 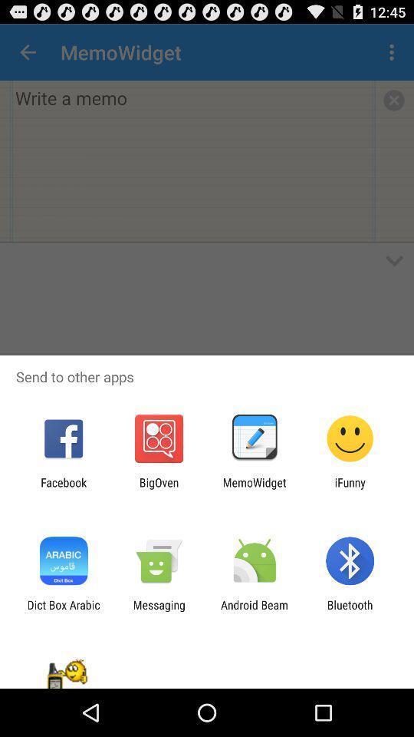 I want to click on the icon next to messaging app, so click(x=255, y=611).